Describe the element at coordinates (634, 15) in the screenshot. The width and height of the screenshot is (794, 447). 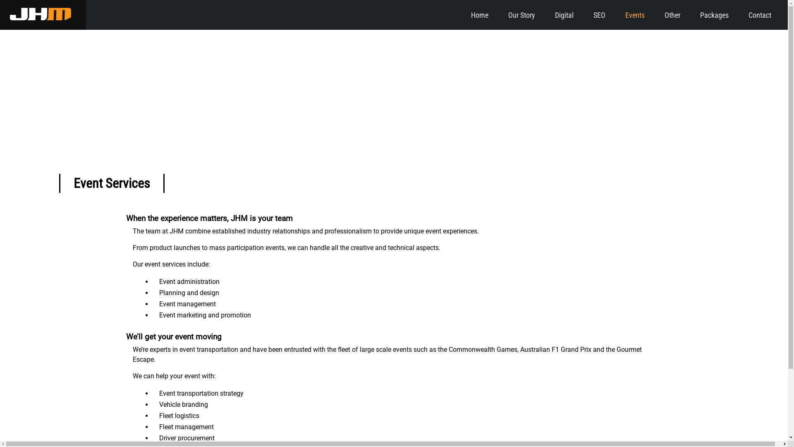
I see `'Events'` at that location.